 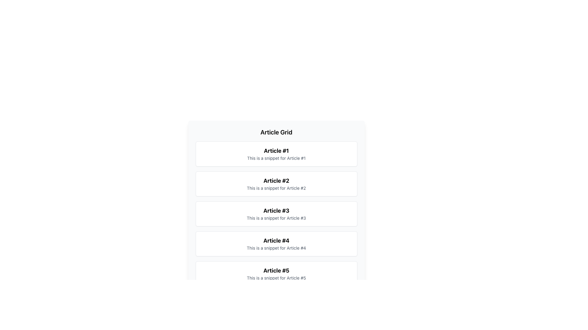 I want to click on the informative text snippet related to 'Article #1' that is positioned below the title in a white card with rounded corners, so click(x=276, y=158).